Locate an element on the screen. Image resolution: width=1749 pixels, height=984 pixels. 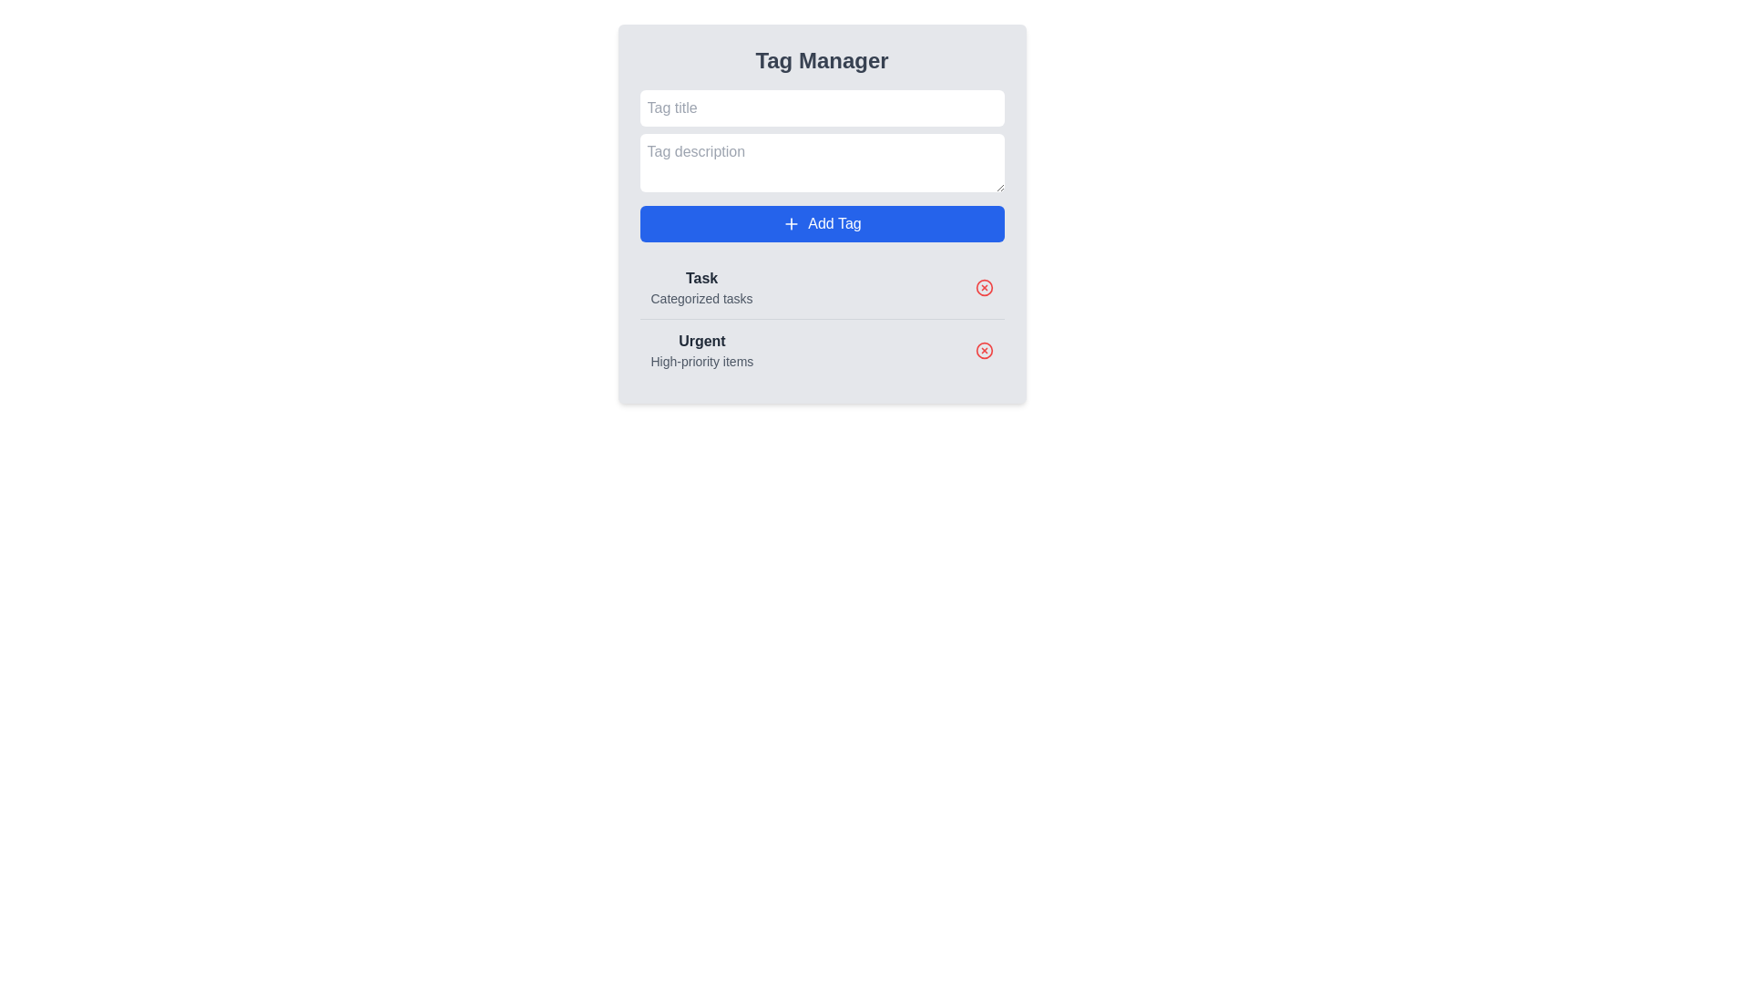
the delete or cancel button icon located on the right side of the 'Task' label to possibly display additional information or a tooltip is located at coordinates (983, 287).